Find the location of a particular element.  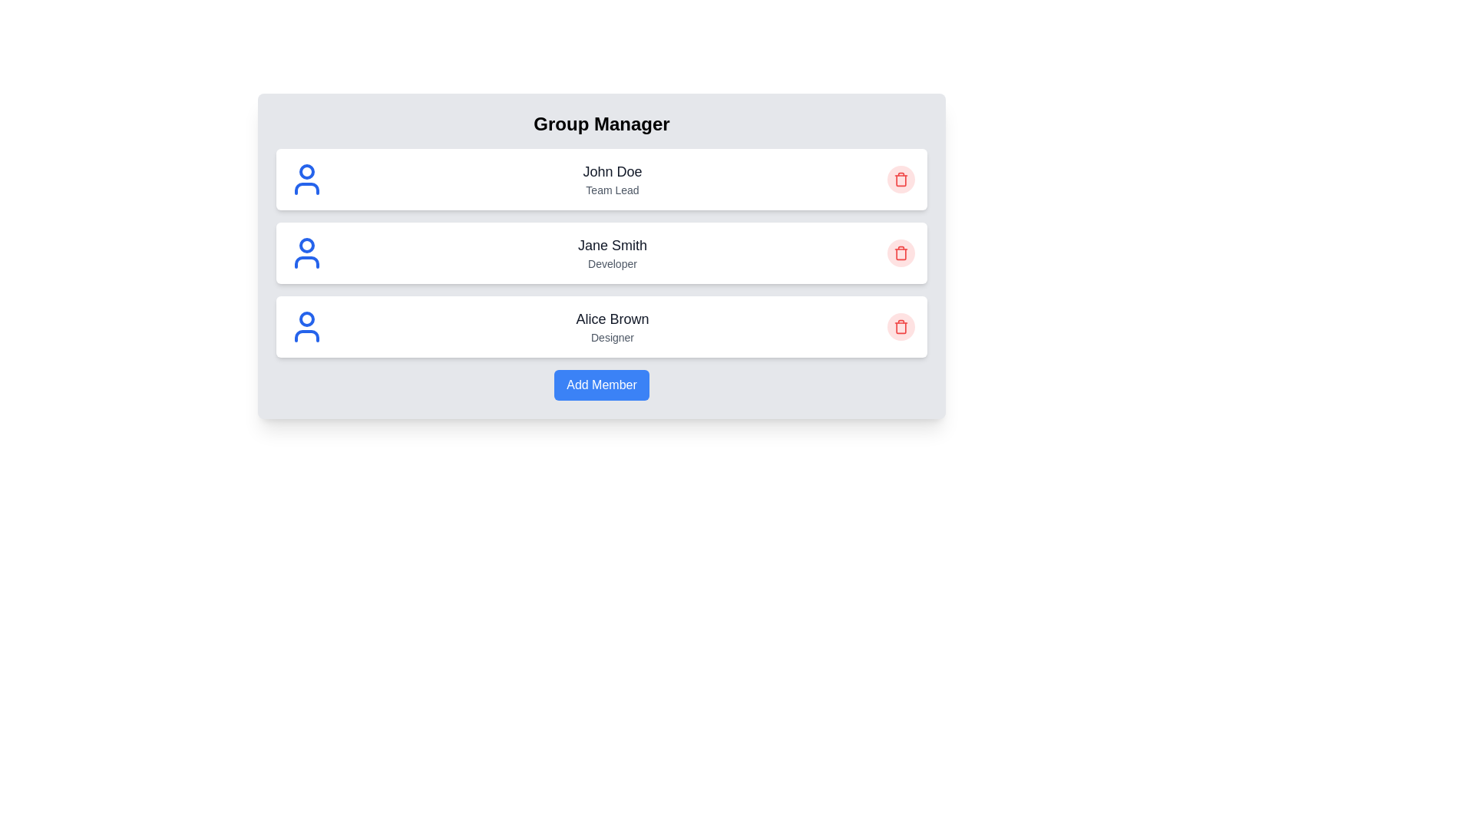

the Text component displaying the name 'Jane Smith', located in the middle row of a vertically stacked list, above the 'Developer' text is located at coordinates (611, 245).